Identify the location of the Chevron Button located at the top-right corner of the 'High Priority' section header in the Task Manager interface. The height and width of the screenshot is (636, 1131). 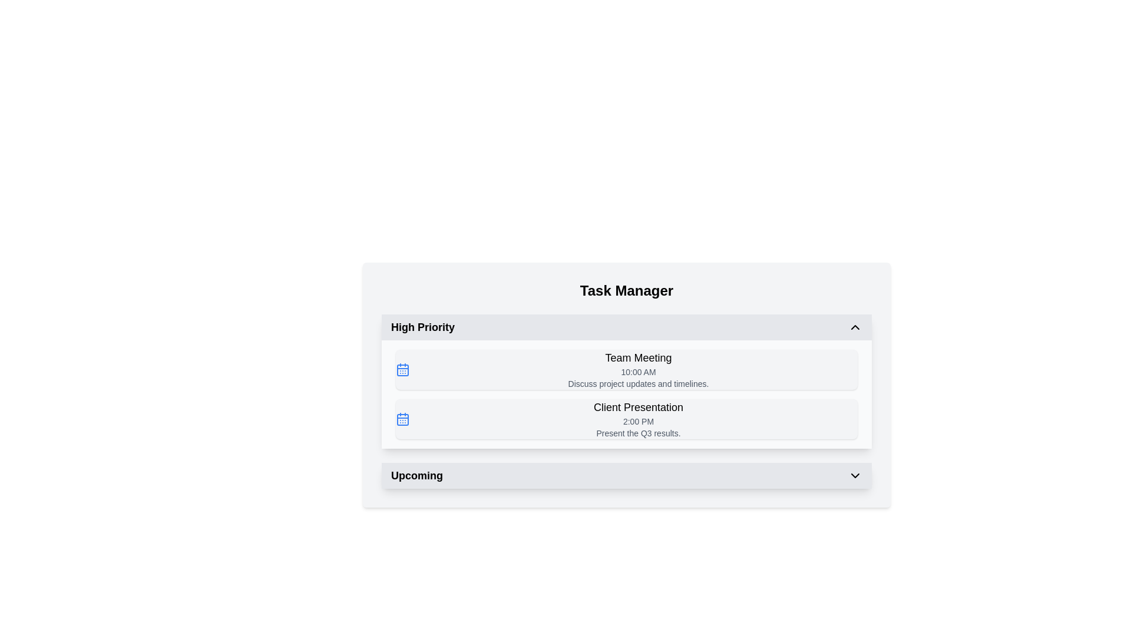
(855, 327).